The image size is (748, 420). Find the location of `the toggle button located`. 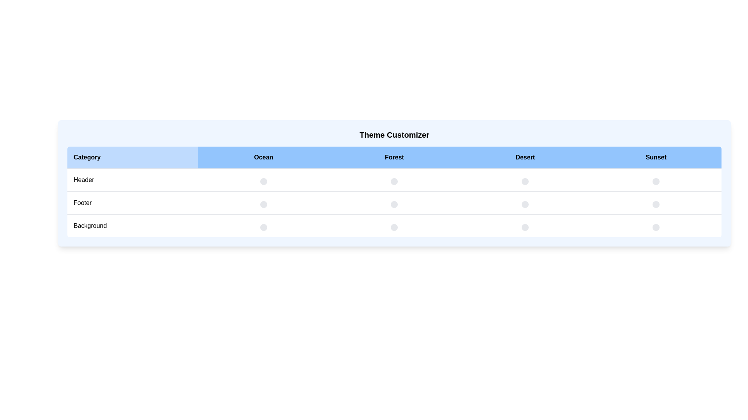

the toggle button located is located at coordinates (525, 204).